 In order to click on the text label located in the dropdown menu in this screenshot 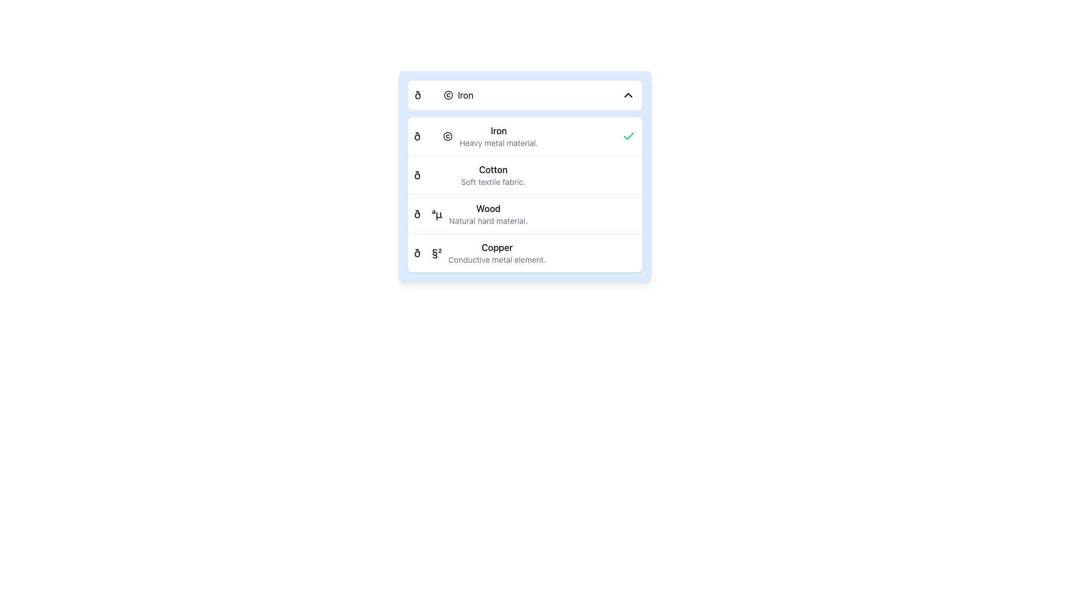, I will do `click(465, 95)`.